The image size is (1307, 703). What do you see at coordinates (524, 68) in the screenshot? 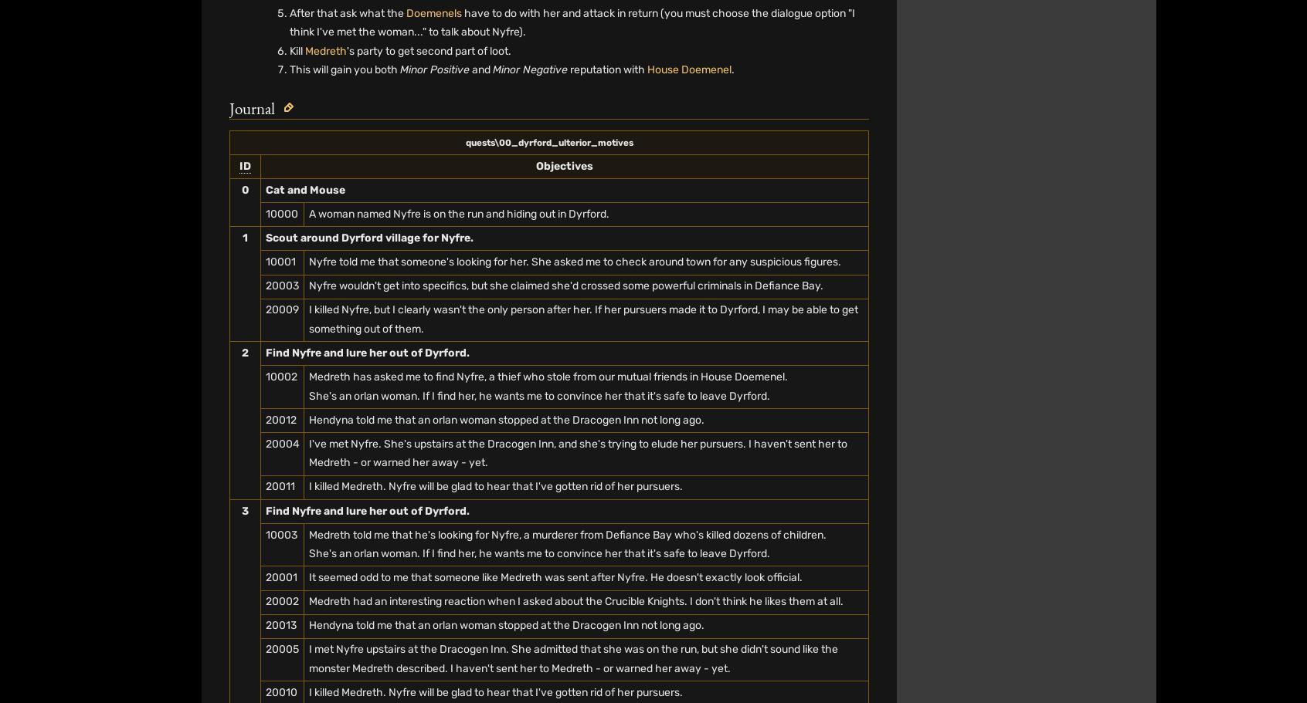
I see `'Terms of Use'` at bounding box center [524, 68].